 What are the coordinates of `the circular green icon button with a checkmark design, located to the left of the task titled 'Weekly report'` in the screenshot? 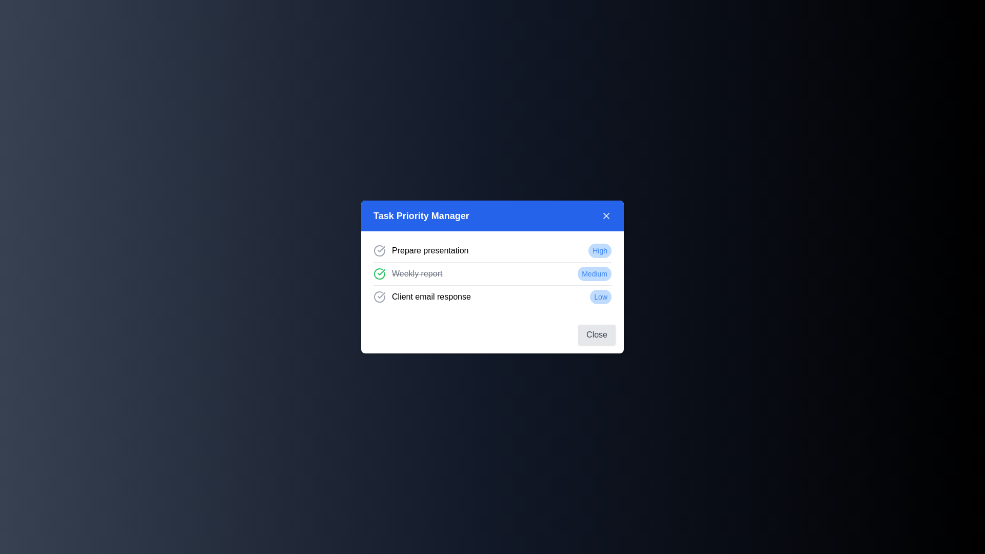 It's located at (379, 273).